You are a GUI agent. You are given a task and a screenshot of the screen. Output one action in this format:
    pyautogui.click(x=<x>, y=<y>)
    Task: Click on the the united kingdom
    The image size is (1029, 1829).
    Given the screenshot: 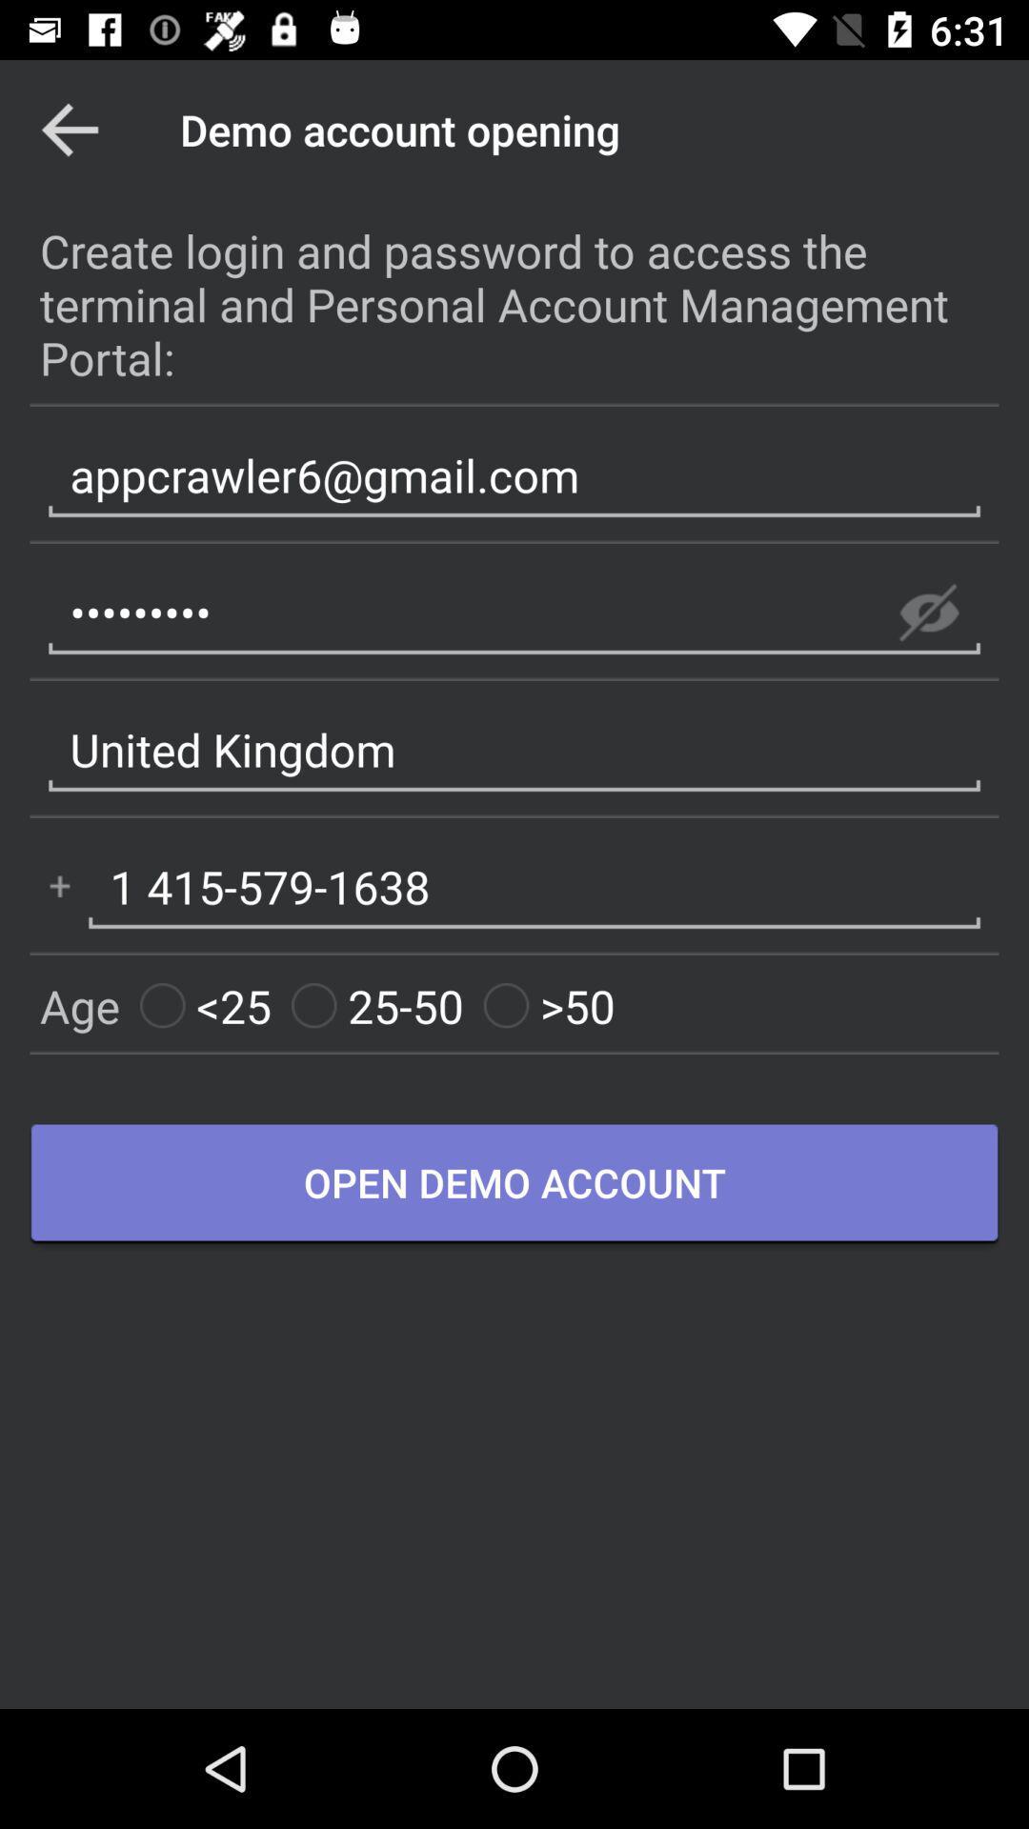 What is the action you would take?
    pyautogui.click(x=514, y=749)
    